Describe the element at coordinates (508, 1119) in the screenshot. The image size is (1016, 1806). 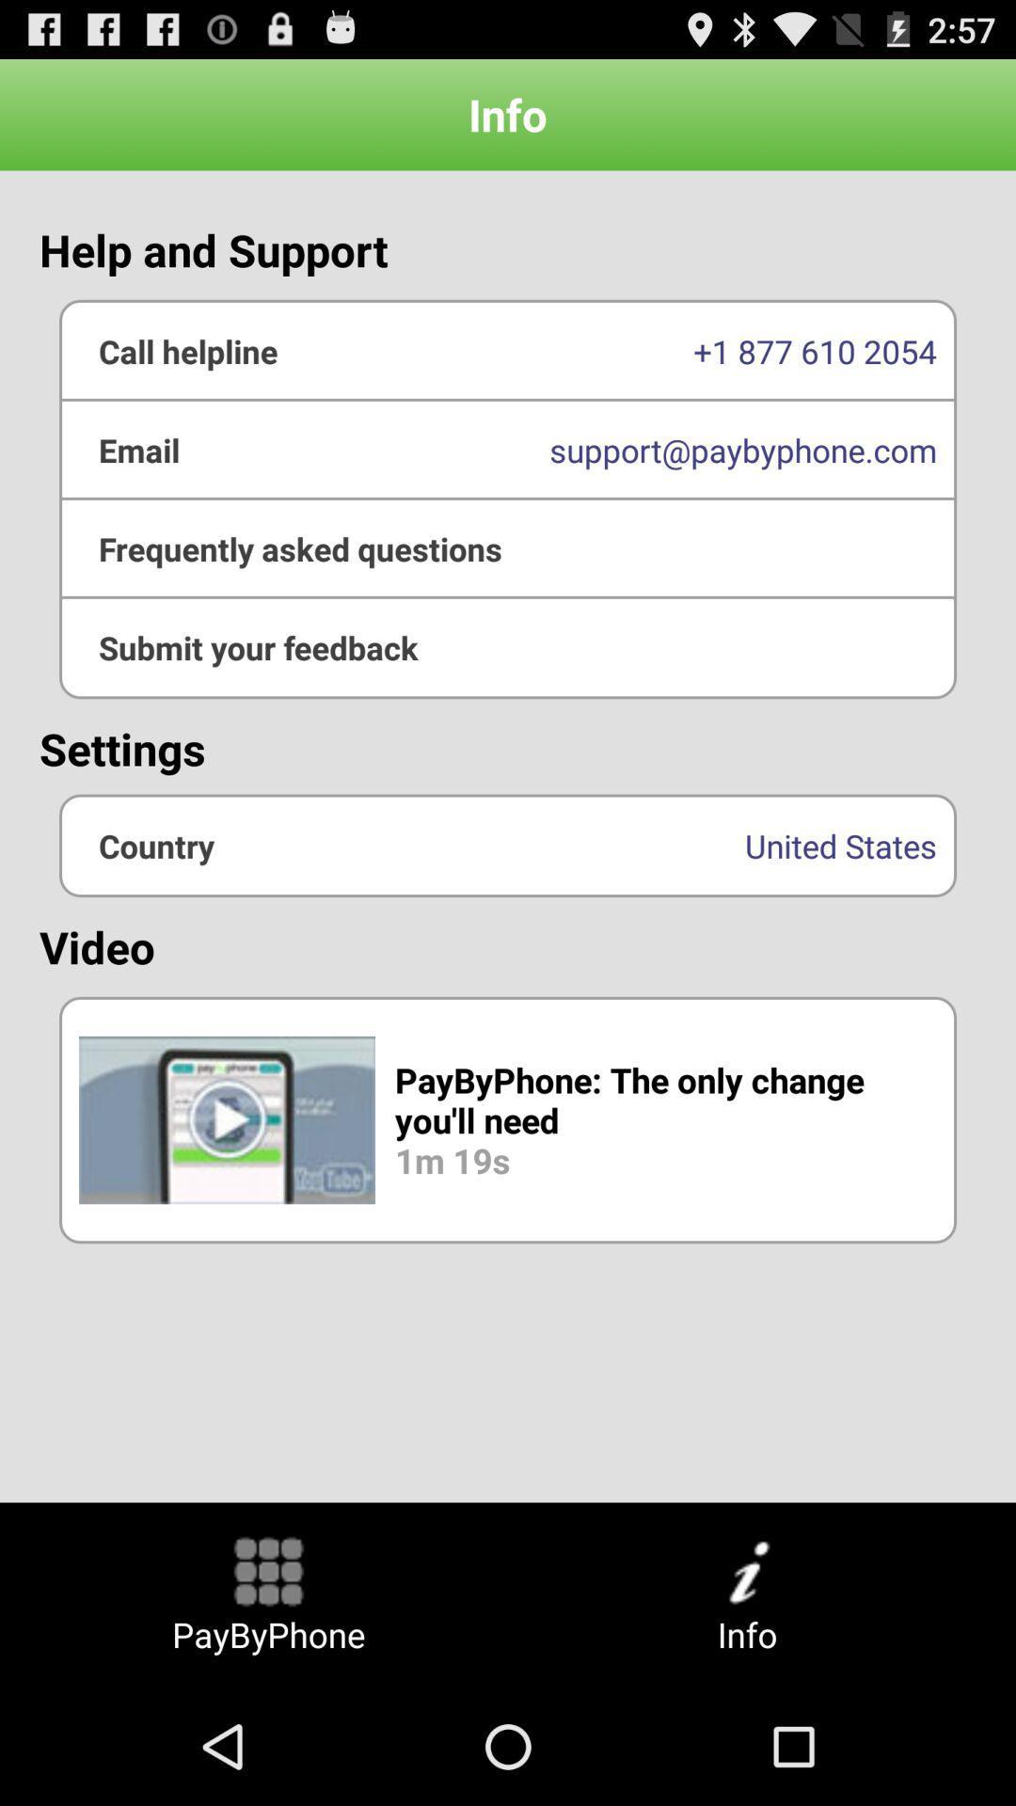
I see `the button above paybyphone button` at that location.